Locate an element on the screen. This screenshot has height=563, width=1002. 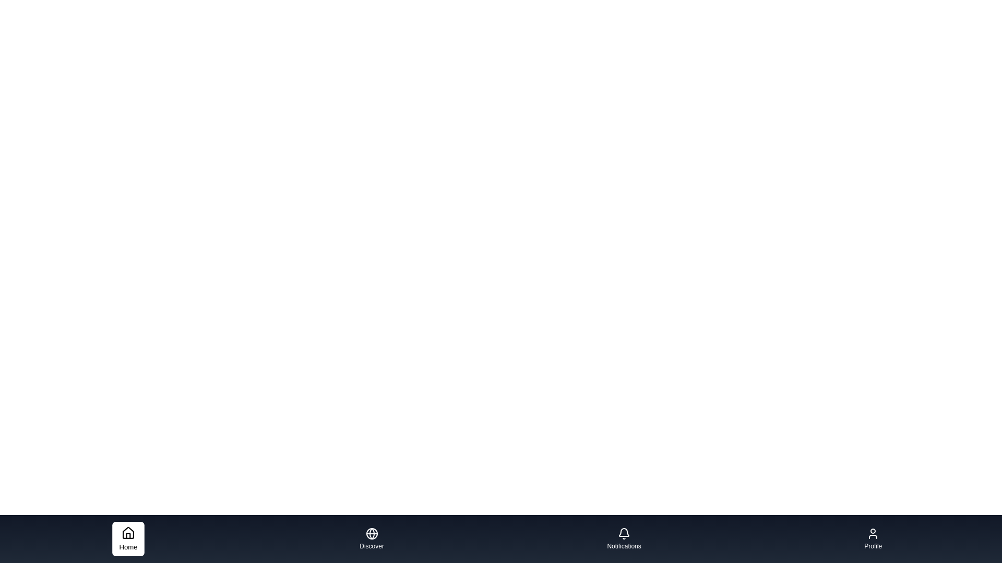
the Discover tab to activate it and observe the visual change is located at coordinates (371, 538).